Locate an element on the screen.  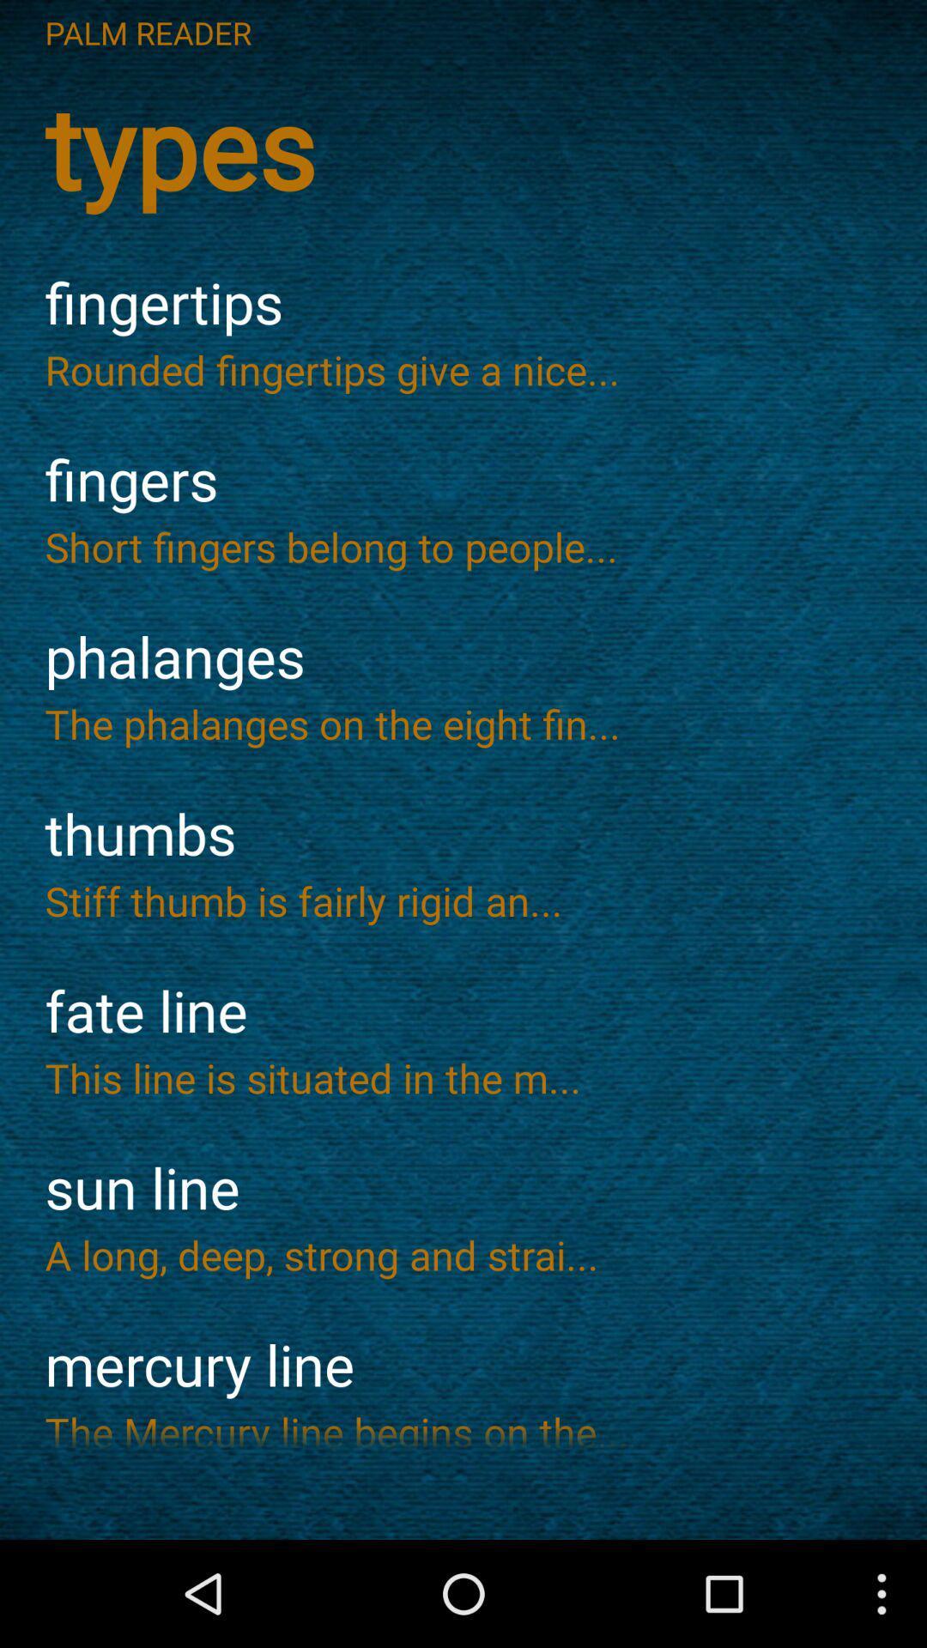
the item below the stiff thumb is is located at coordinates (463, 1011).